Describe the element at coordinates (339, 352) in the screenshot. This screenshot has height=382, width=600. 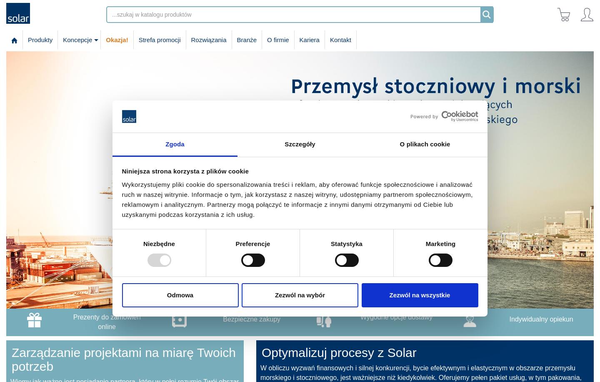
I see `'Optymalizuj procesy z Solar'` at that location.